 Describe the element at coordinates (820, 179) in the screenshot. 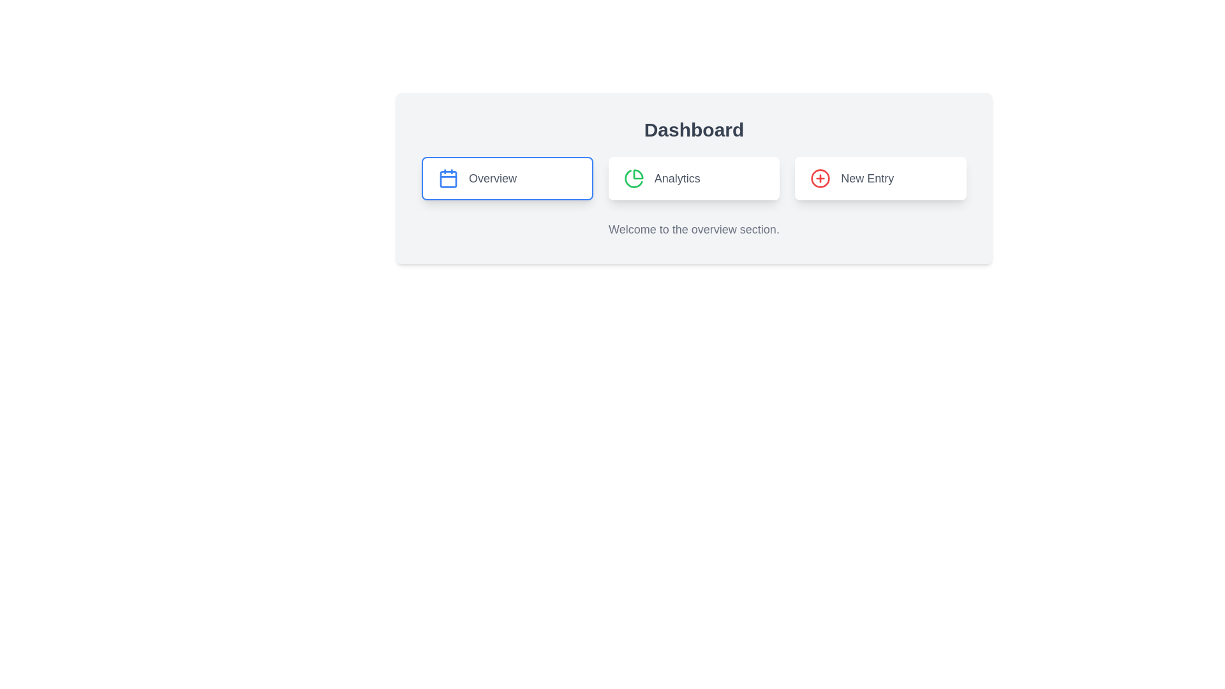

I see `the red circular icon with a plus symbol inside, which is located within the 'New Entry' button on the right side of the rectangular card labeled 'New Entry.'` at that location.